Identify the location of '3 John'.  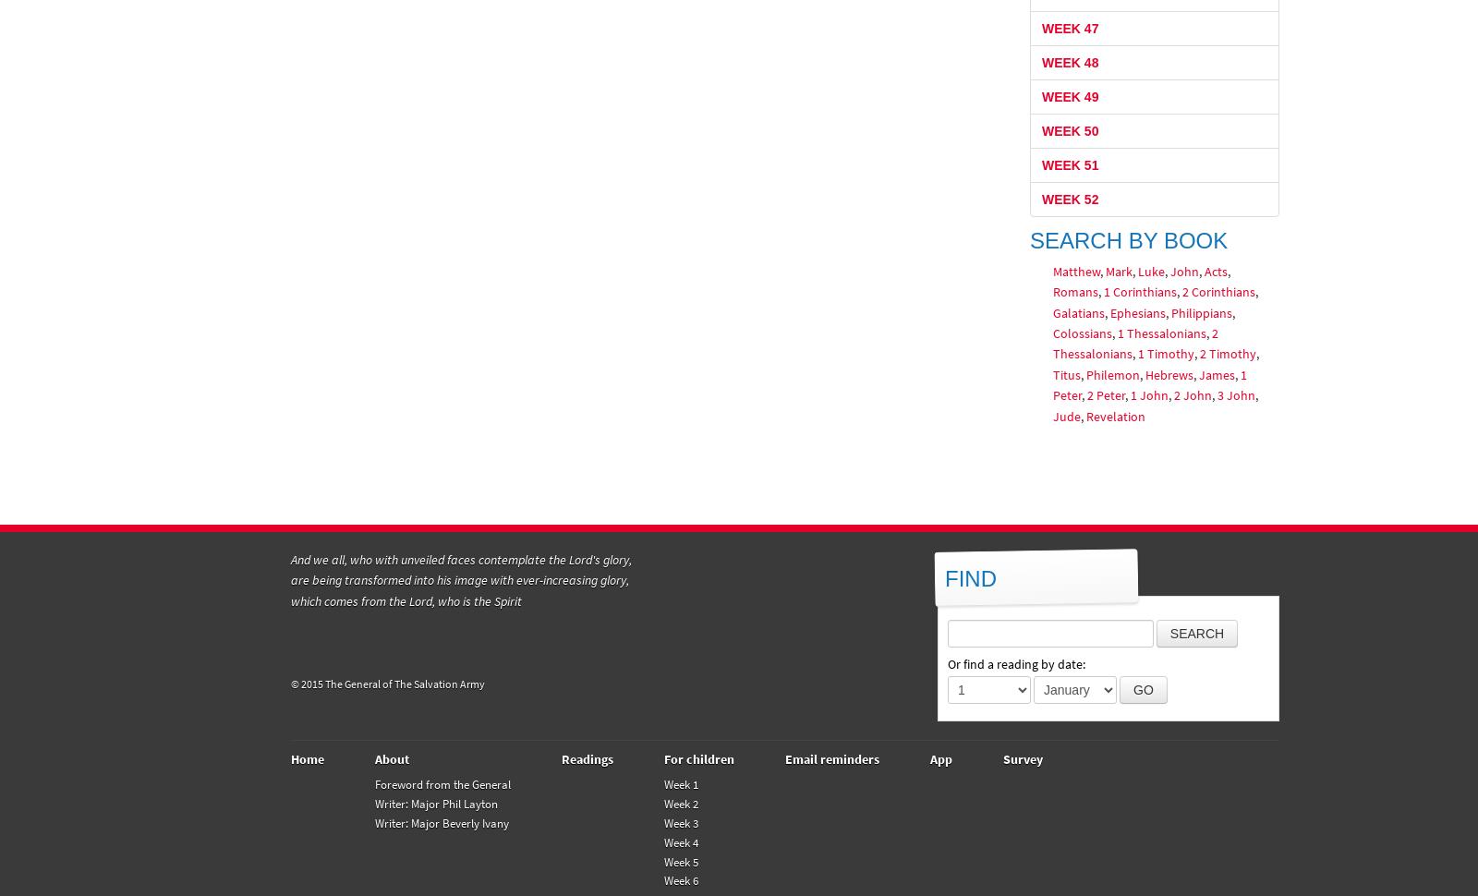
(1234, 395).